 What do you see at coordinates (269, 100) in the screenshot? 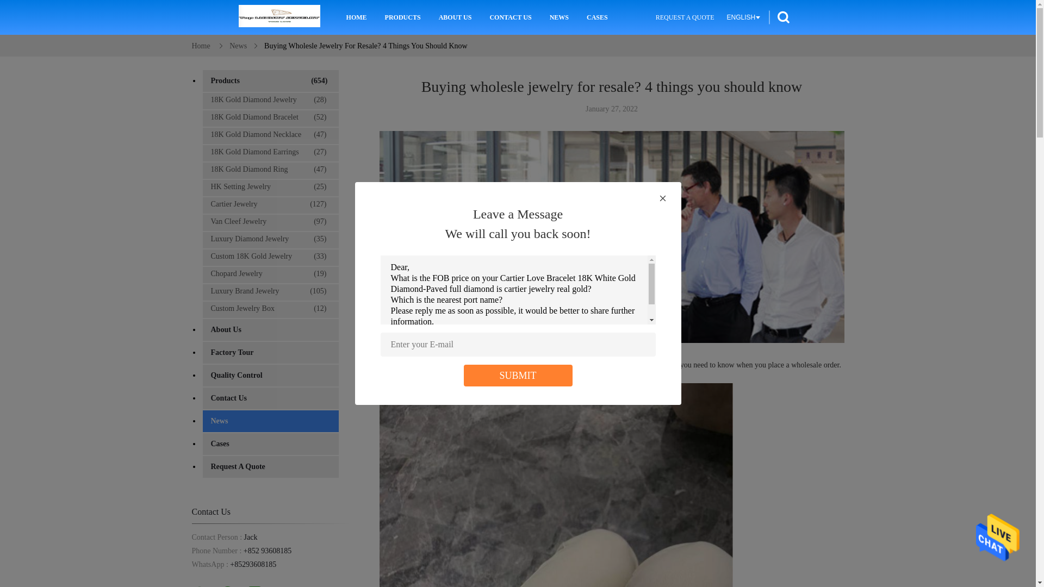
I see `'18K Gold Diamond Jewelry` at bounding box center [269, 100].